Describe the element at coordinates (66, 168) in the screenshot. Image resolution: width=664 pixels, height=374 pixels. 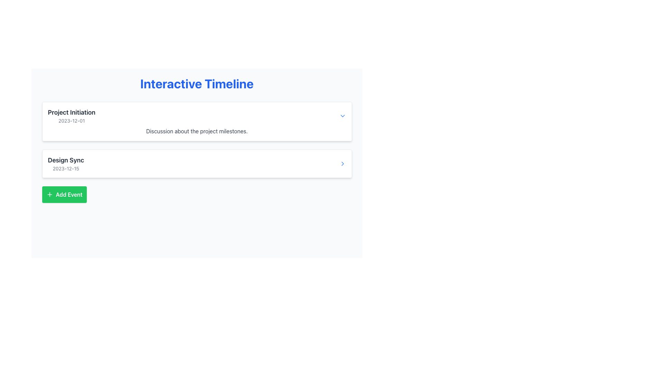
I see `the text label indicating the date '2023-12-15' below the title 'Design Sync' in the event card on the timeline interface` at that location.